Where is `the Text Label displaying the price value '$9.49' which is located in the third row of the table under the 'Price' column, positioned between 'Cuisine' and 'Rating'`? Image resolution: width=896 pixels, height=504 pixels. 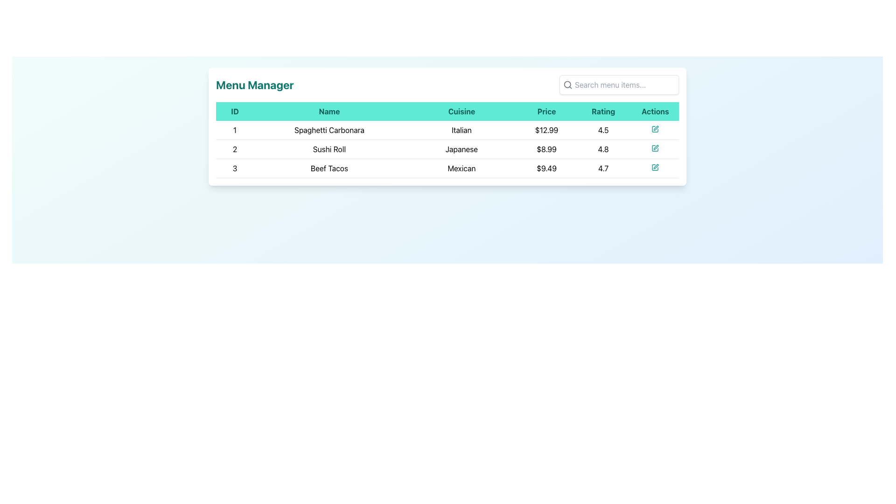
the Text Label displaying the price value '$9.49' which is located in the third row of the table under the 'Price' column, positioned between 'Cuisine' and 'Rating' is located at coordinates (546, 168).